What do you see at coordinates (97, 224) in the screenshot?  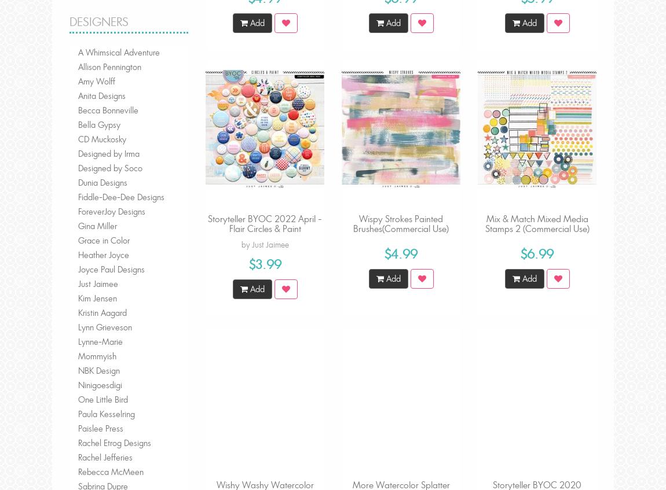 I see `'Gina Miller'` at bounding box center [97, 224].